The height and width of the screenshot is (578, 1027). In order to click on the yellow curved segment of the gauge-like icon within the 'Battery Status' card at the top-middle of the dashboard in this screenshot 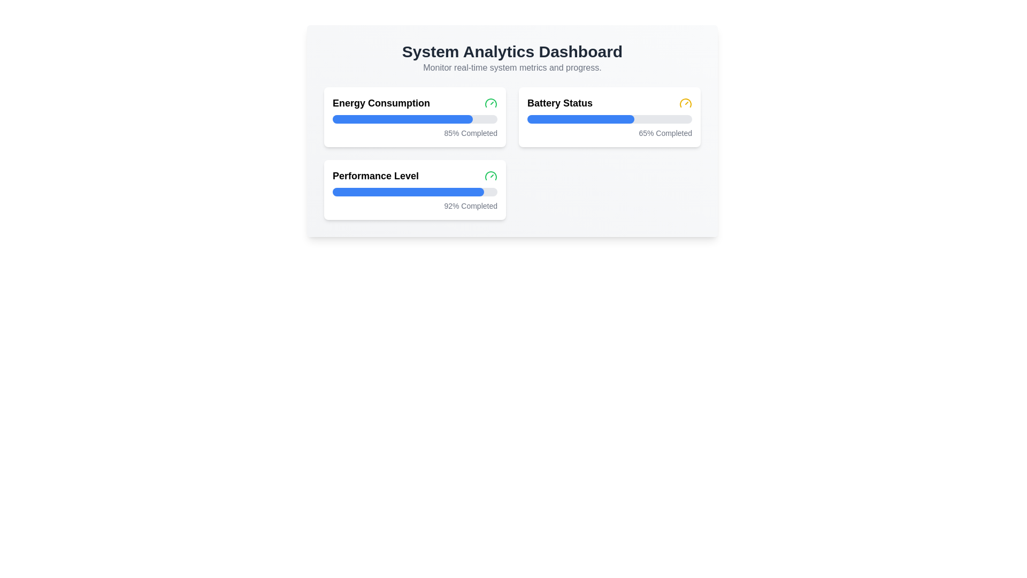, I will do `click(685, 103)`.